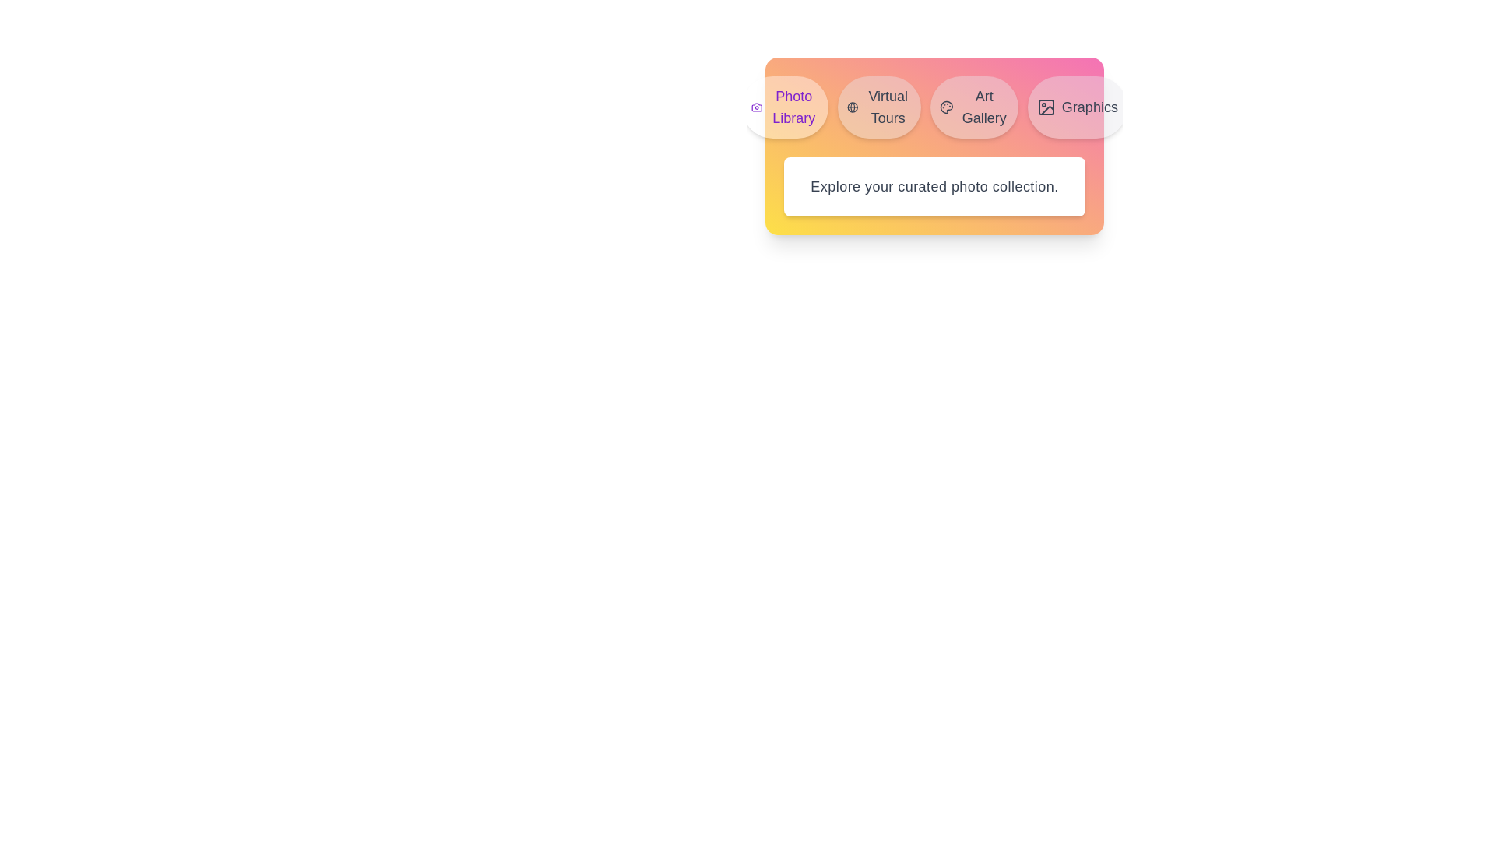 The width and height of the screenshot is (1495, 841). Describe the element at coordinates (1076, 107) in the screenshot. I see `the tab labeled Graphics in the MediaLibraryTabs component` at that location.